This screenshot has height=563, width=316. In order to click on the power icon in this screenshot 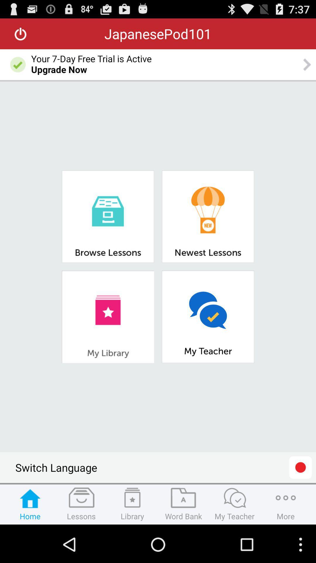, I will do `click(20, 36)`.